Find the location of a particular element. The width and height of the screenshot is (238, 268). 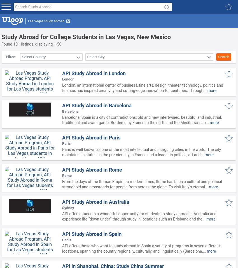

'Search' is located at coordinates (223, 56).